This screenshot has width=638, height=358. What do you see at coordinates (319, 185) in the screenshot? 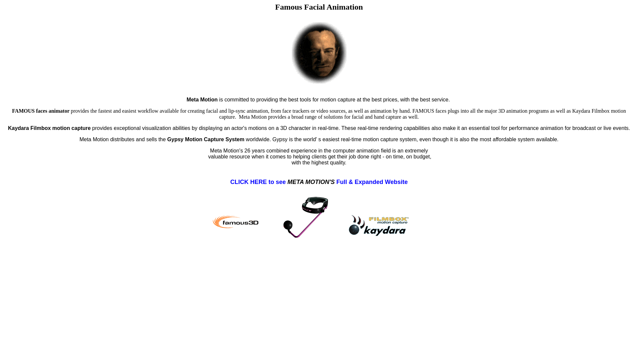
I see `'CLICK HERE to see META MOTION'S Full & Expanded Website'` at bounding box center [319, 185].